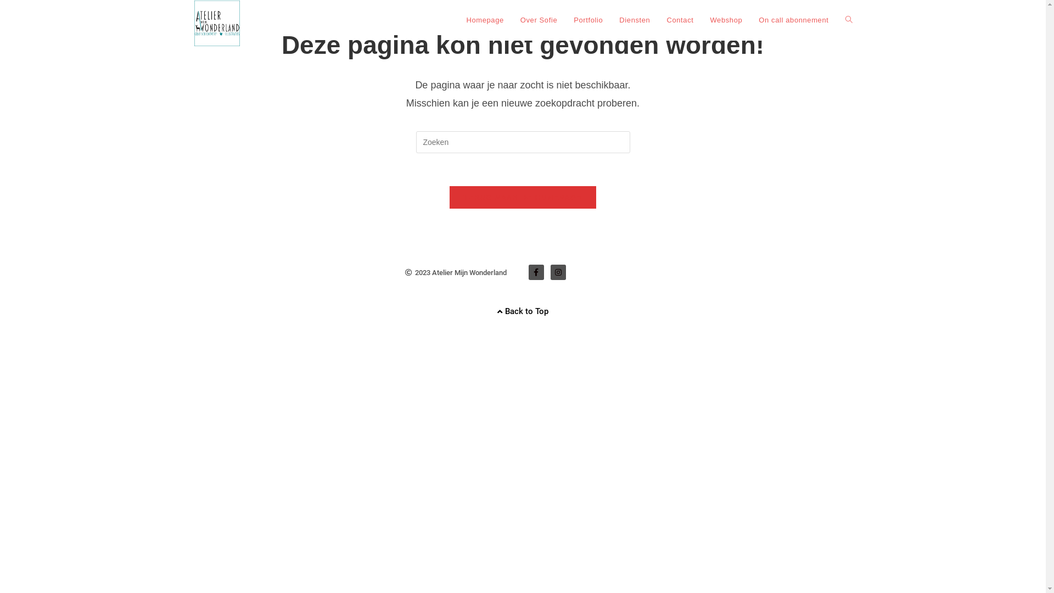  What do you see at coordinates (539, 20) in the screenshot?
I see `'Over Sofie'` at bounding box center [539, 20].